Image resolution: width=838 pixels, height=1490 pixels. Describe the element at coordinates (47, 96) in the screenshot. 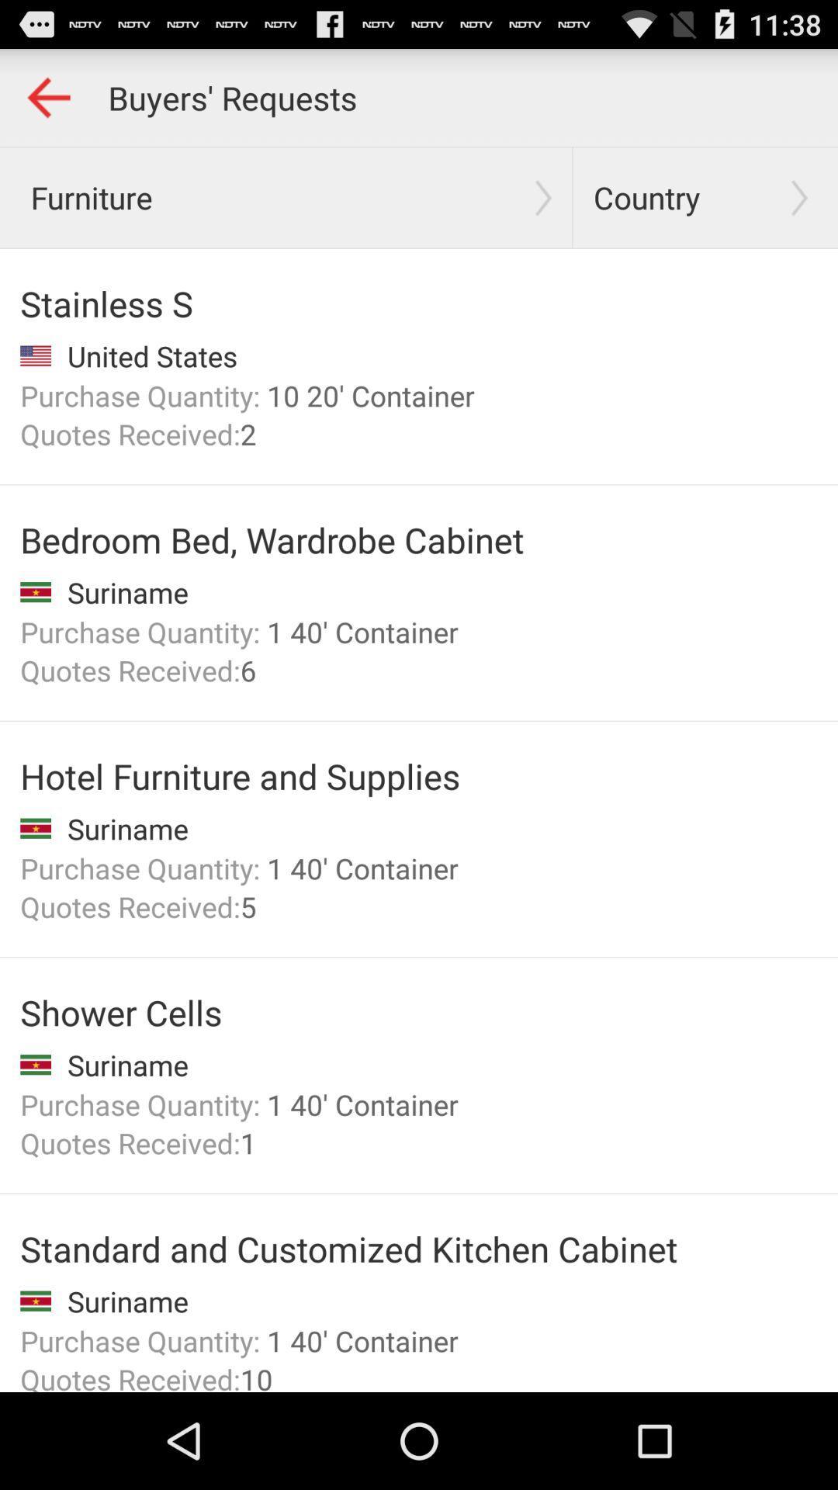

I see `previous page` at that location.